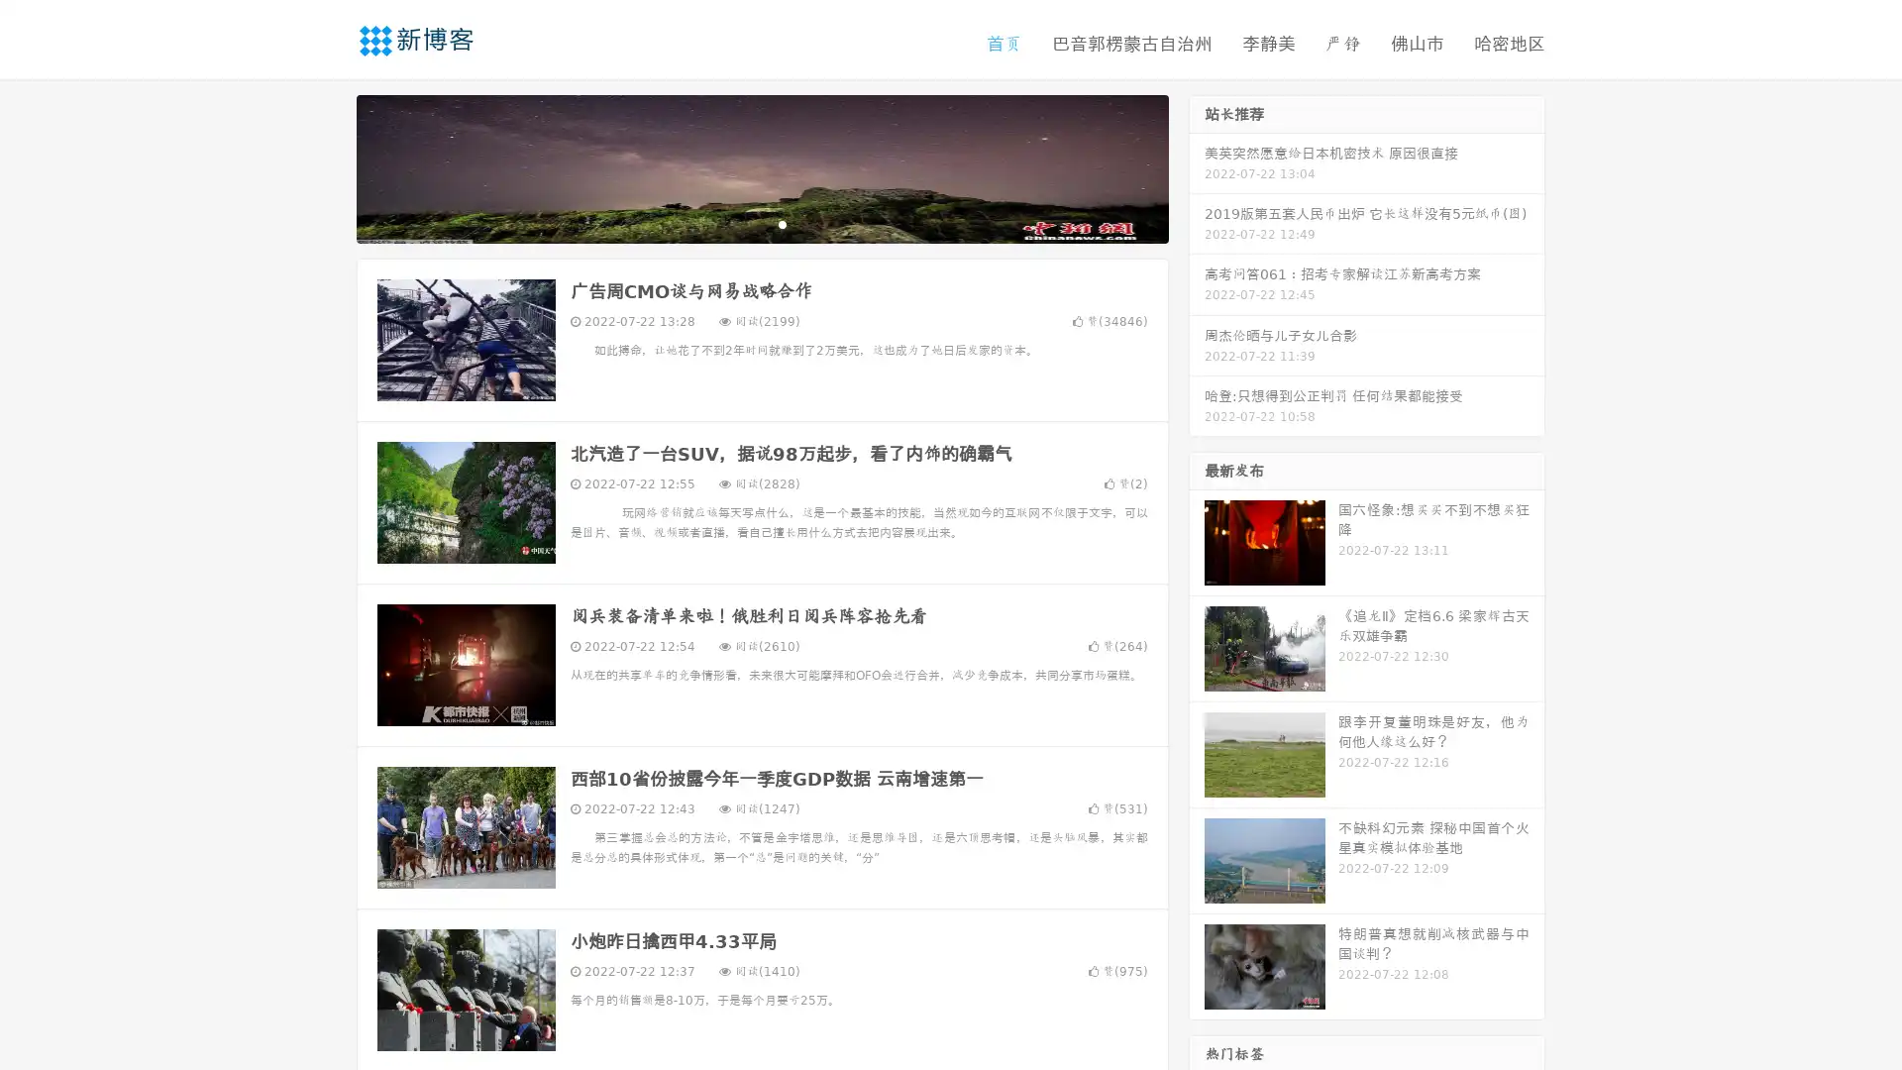 The width and height of the screenshot is (1902, 1070). What do you see at coordinates (1197, 166) in the screenshot?
I see `Next slide` at bounding box center [1197, 166].